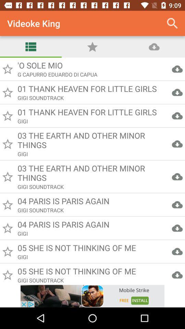 The height and width of the screenshot is (329, 185). I want to click on available files to download, so click(92, 171).